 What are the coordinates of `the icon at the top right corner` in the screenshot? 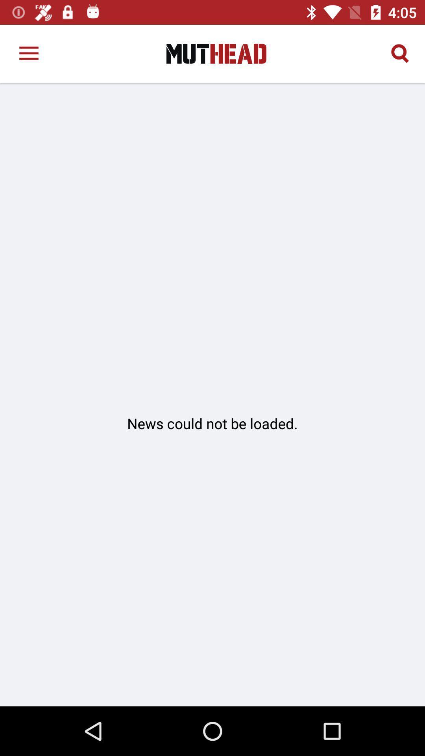 It's located at (400, 53).